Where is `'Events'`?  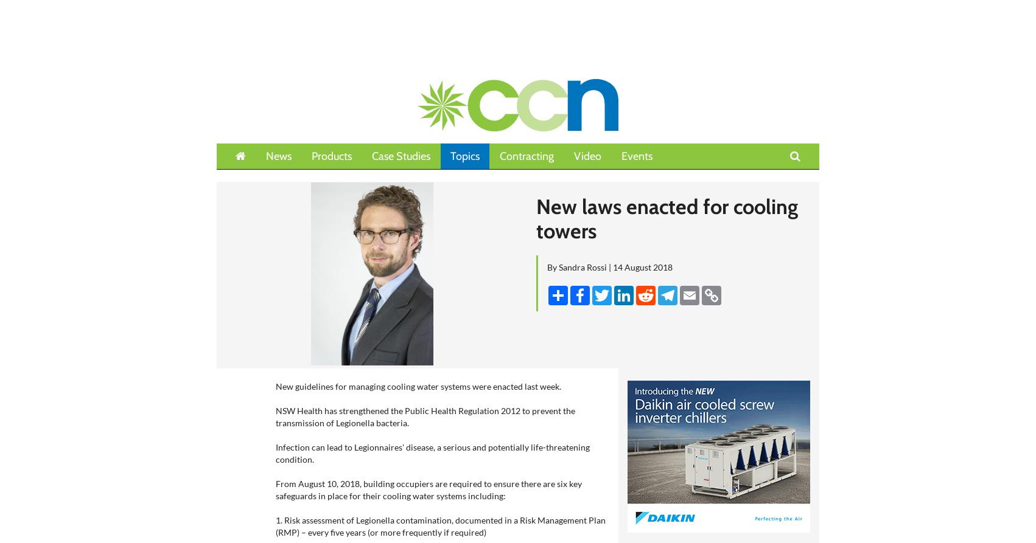
'Events' is located at coordinates (636, 156).